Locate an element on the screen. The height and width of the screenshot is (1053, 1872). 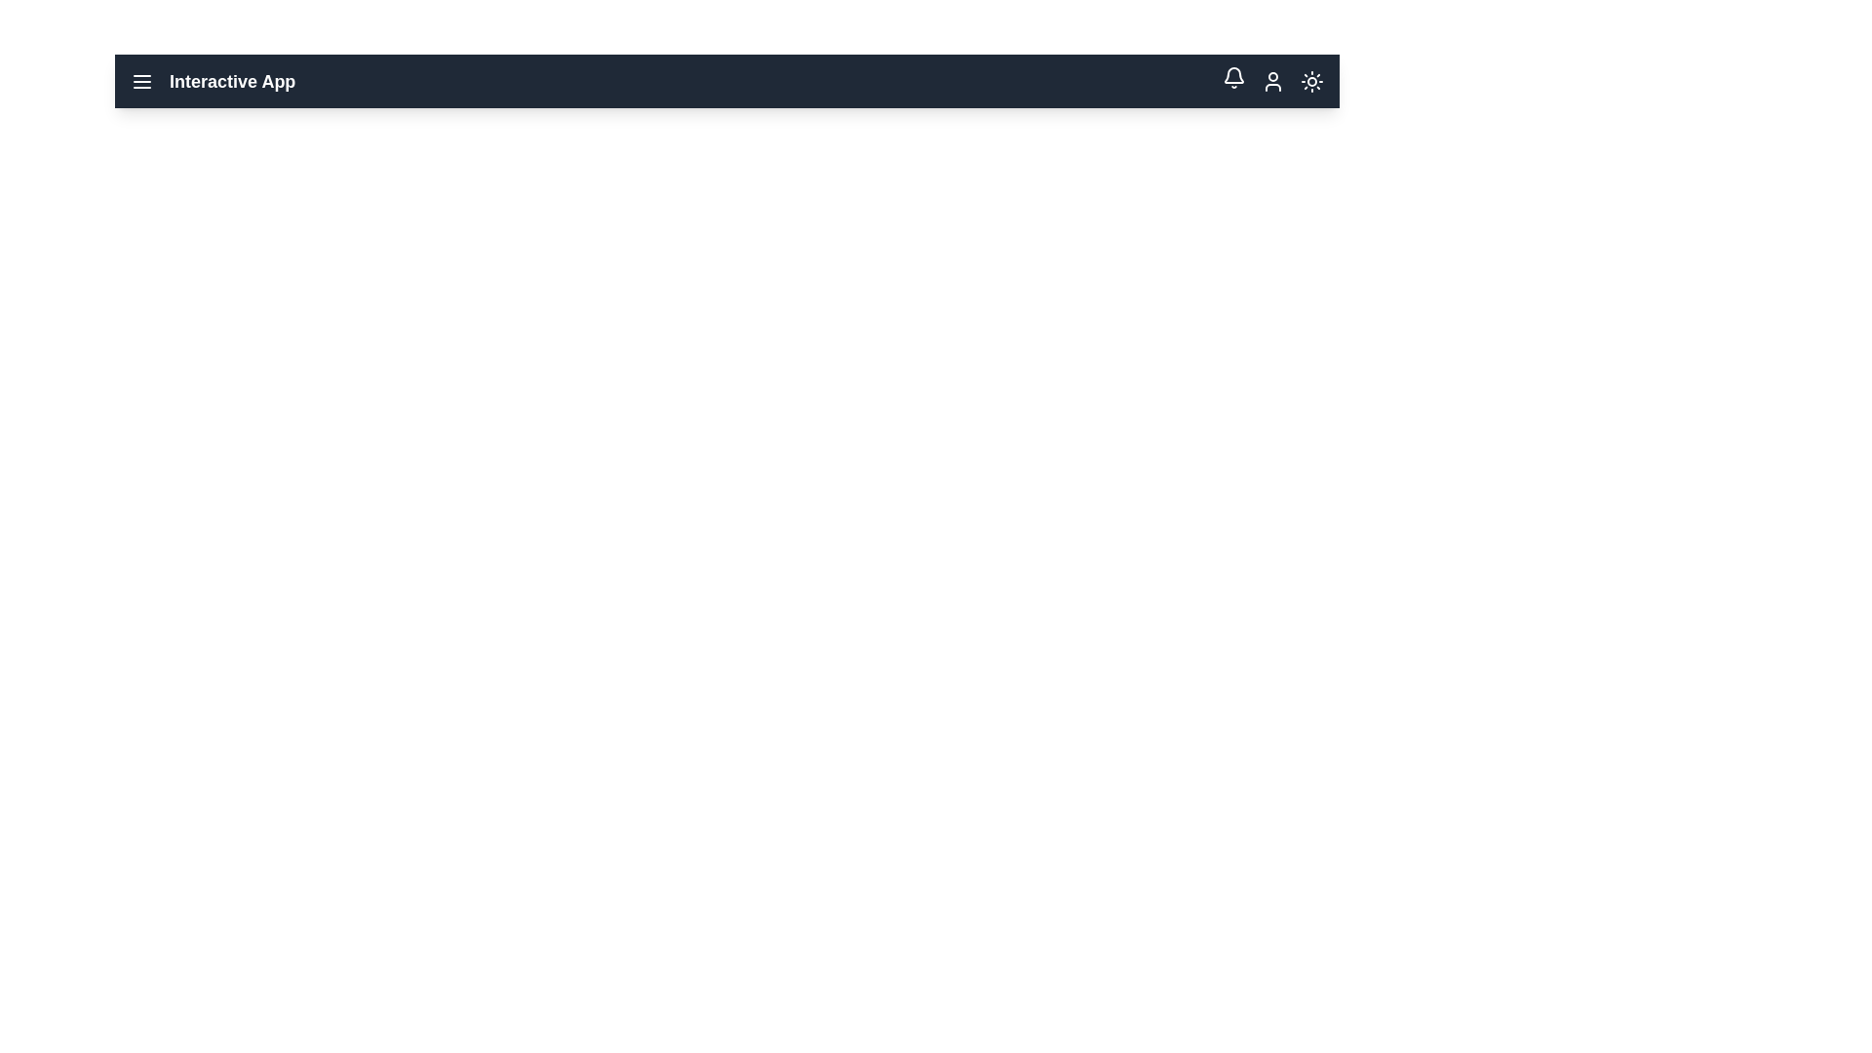
the user profile icon in the app bar is located at coordinates (1272, 80).